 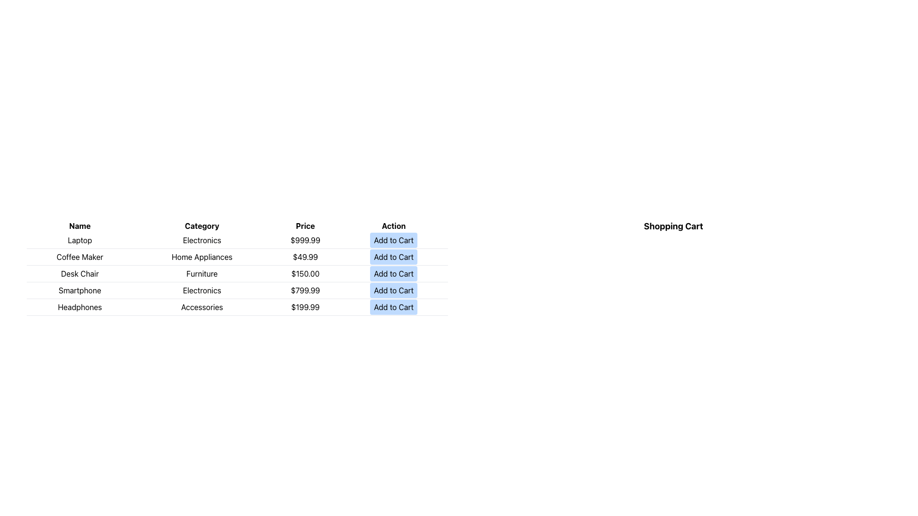 I want to click on on the text label indicating the name of the listed product in the third row under the 'Name' column of the grid layout, so click(x=80, y=274).